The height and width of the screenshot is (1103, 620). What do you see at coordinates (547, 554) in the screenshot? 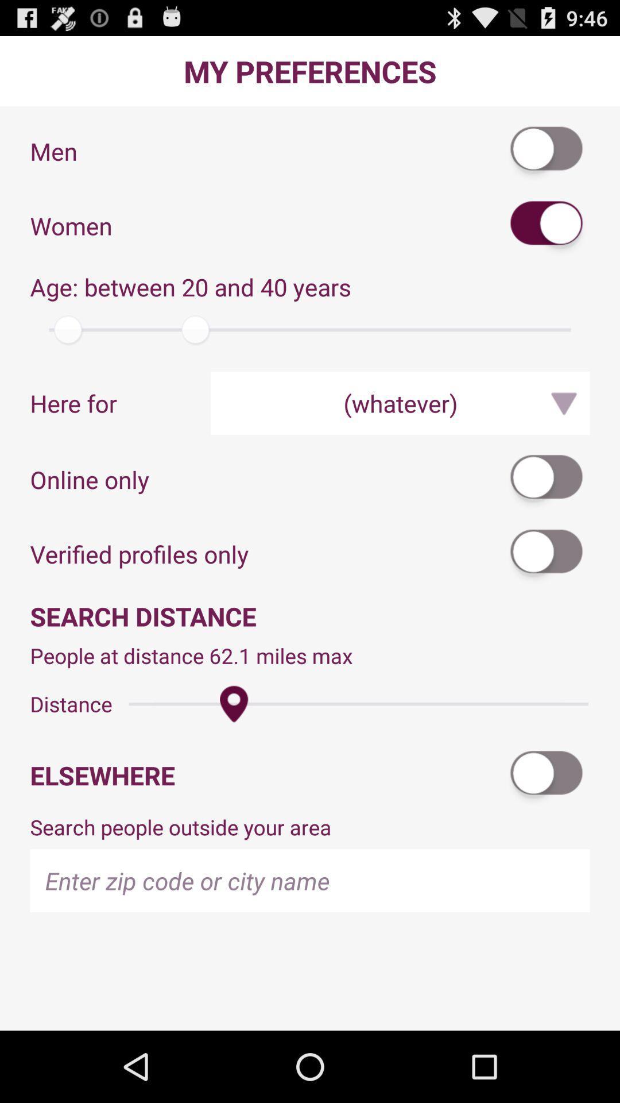
I see `switch option` at bounding box center [547, 554].